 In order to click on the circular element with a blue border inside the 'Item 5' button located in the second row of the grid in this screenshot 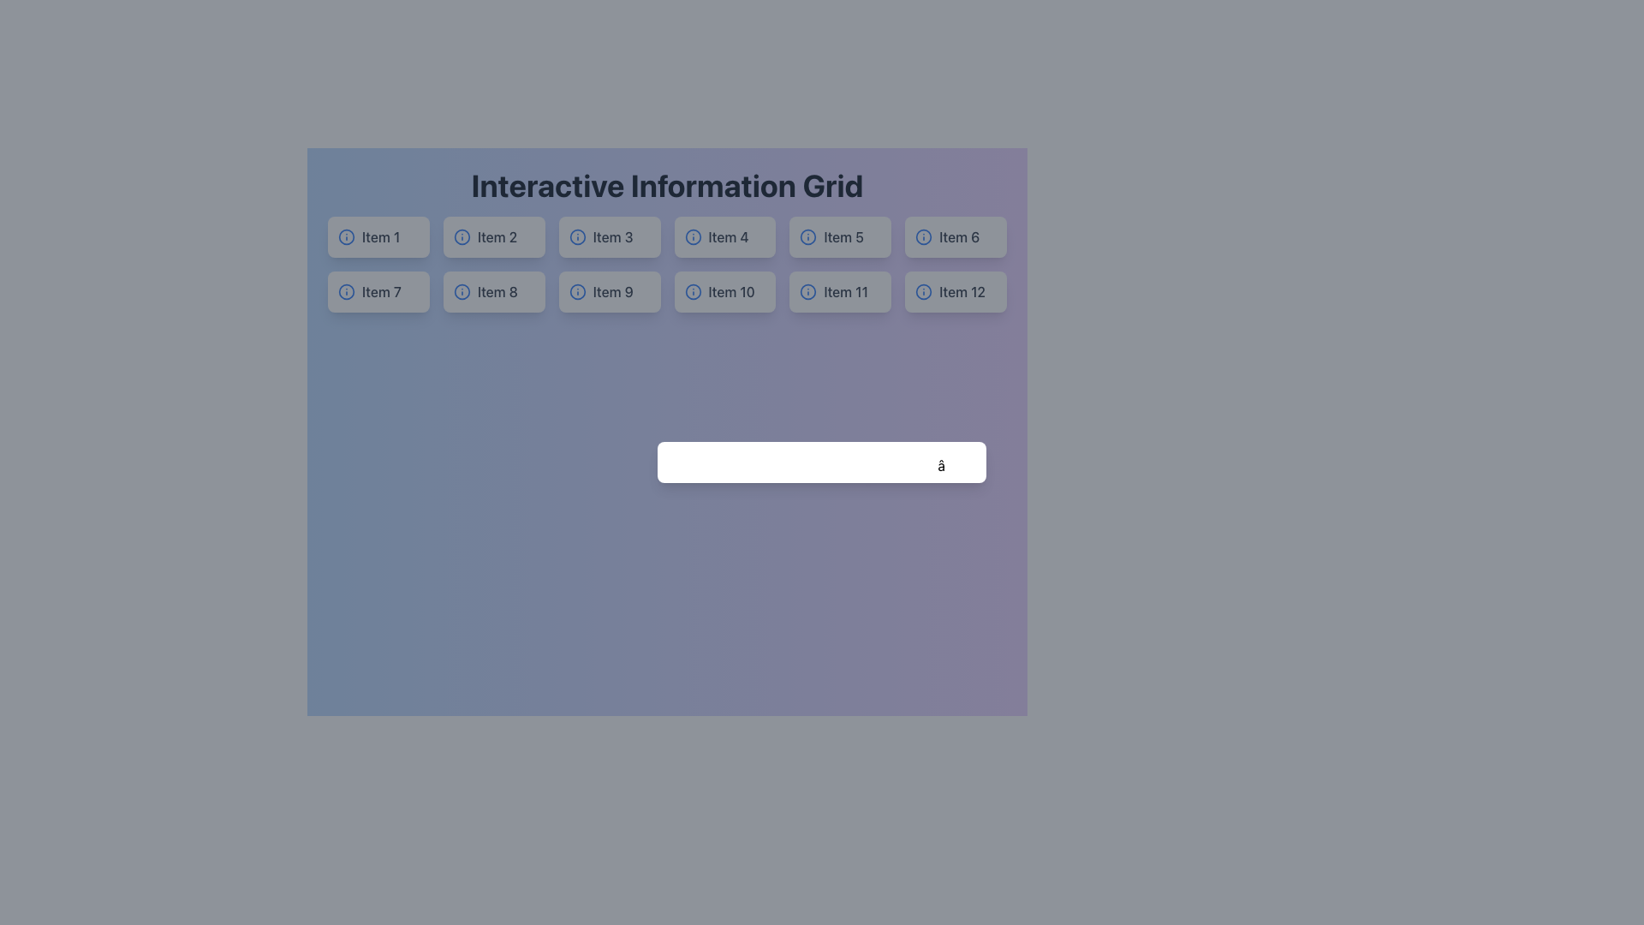, I will do `click(807, 237)`.